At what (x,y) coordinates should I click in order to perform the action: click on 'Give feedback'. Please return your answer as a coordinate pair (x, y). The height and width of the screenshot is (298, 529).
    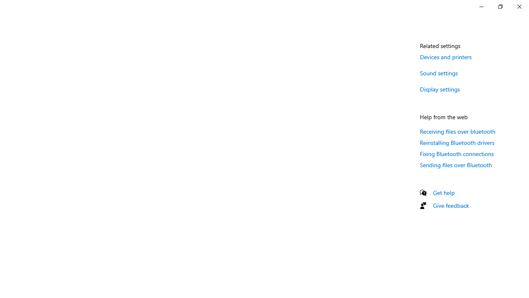
    Looking at the image, I should click on (450, 205).